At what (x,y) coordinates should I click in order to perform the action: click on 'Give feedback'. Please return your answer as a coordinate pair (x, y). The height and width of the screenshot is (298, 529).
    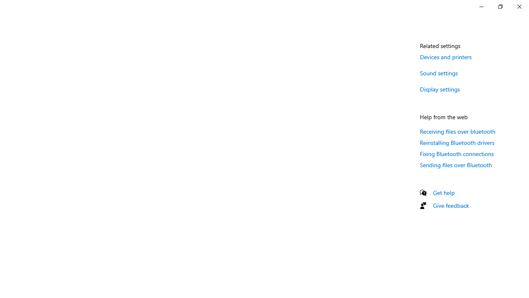
    Looking at the image, I should click on (450, 205).